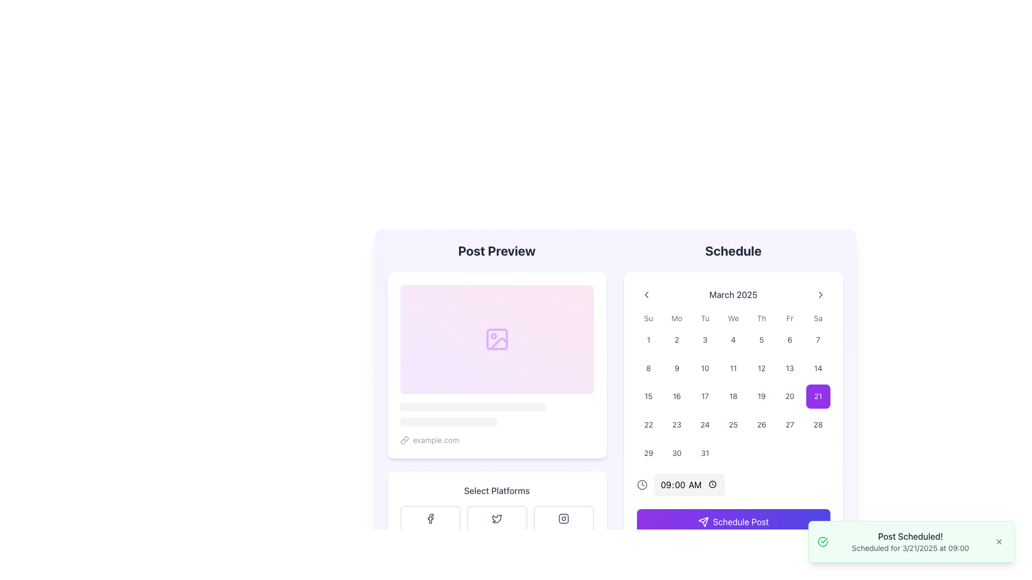 This screenshot has width=1032, height=580. Describe the element at coordinates (820, 294) in the screenshot. I see `the downward arrow icon to advance to the next month in the calendar view` at that location.